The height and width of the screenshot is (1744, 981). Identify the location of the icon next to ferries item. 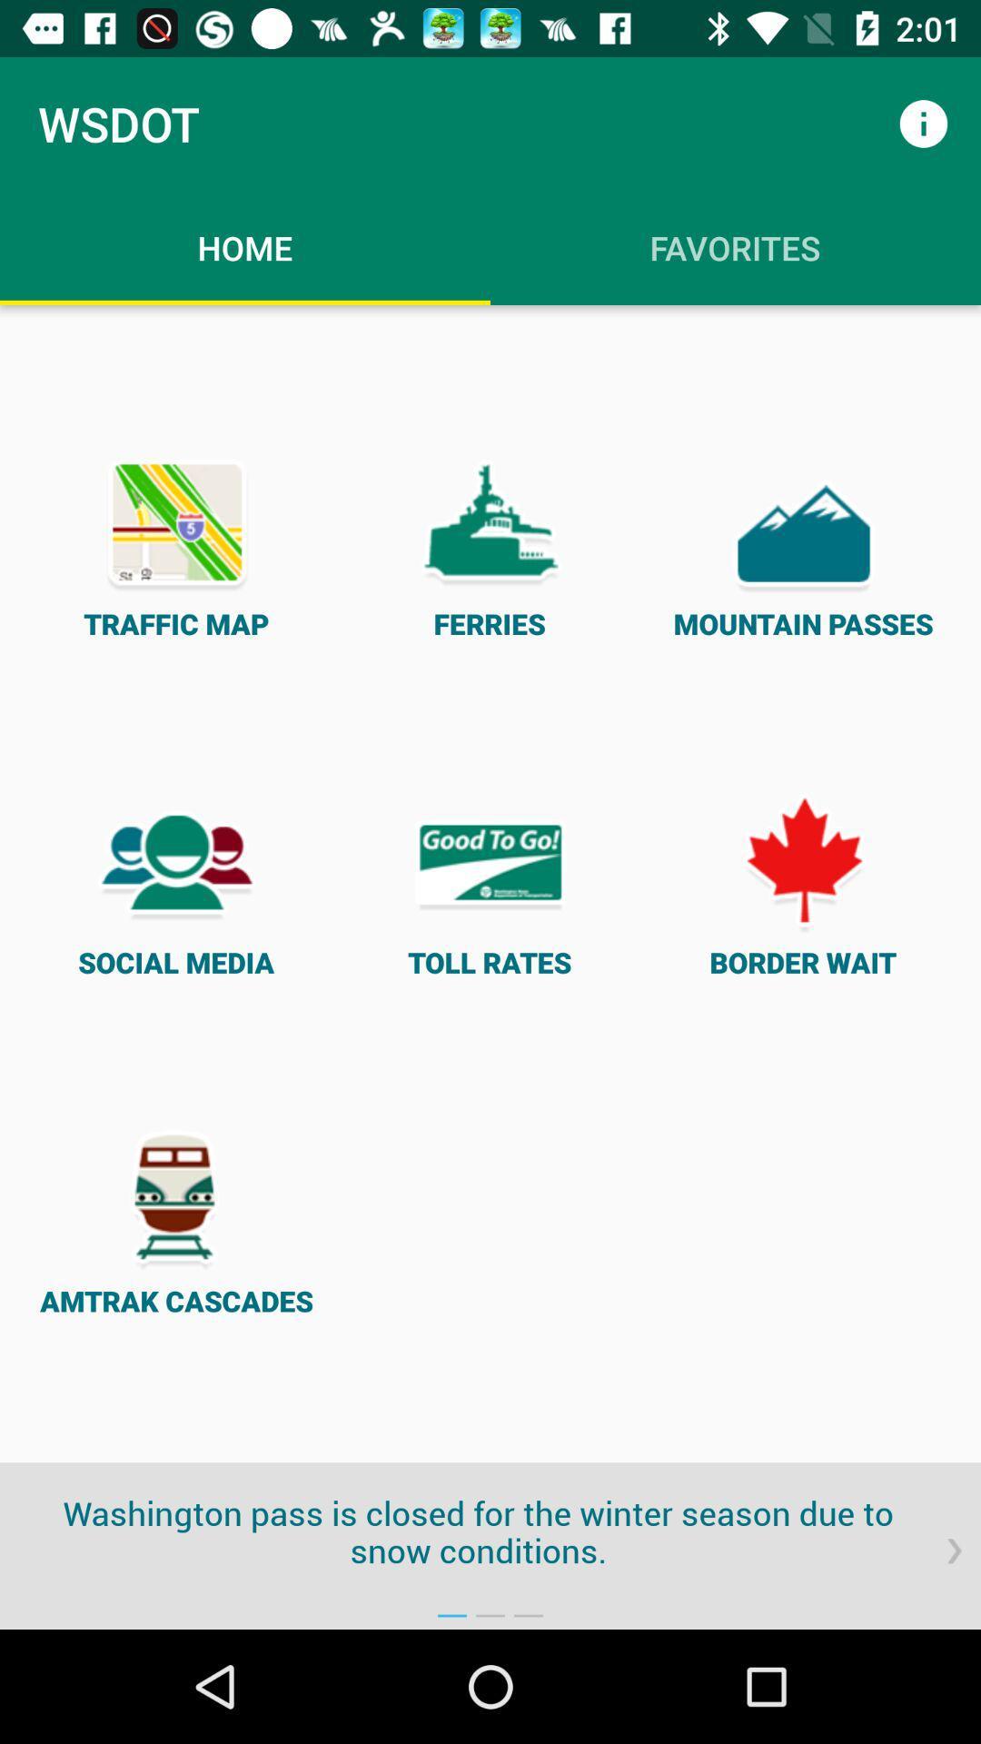
(176, 544).